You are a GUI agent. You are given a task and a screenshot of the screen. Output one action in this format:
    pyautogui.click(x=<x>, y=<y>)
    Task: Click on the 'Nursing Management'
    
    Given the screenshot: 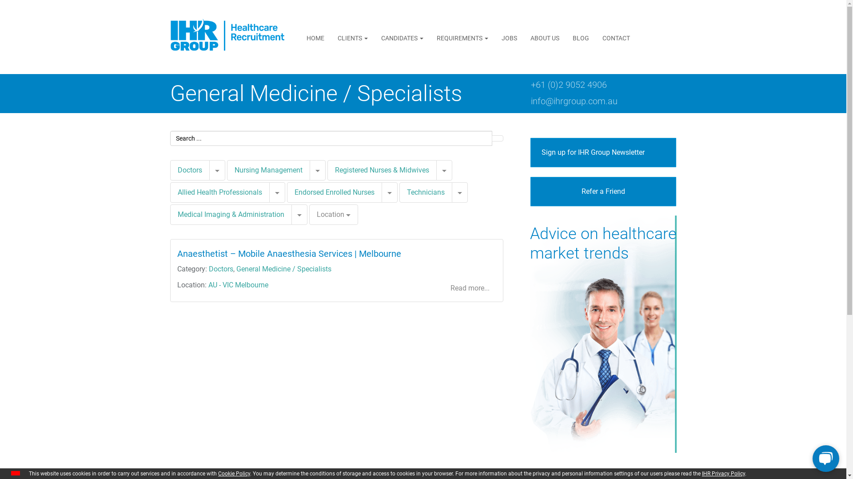 What is the action you would take?
    pyautogui.click(x=235, y=170)
    